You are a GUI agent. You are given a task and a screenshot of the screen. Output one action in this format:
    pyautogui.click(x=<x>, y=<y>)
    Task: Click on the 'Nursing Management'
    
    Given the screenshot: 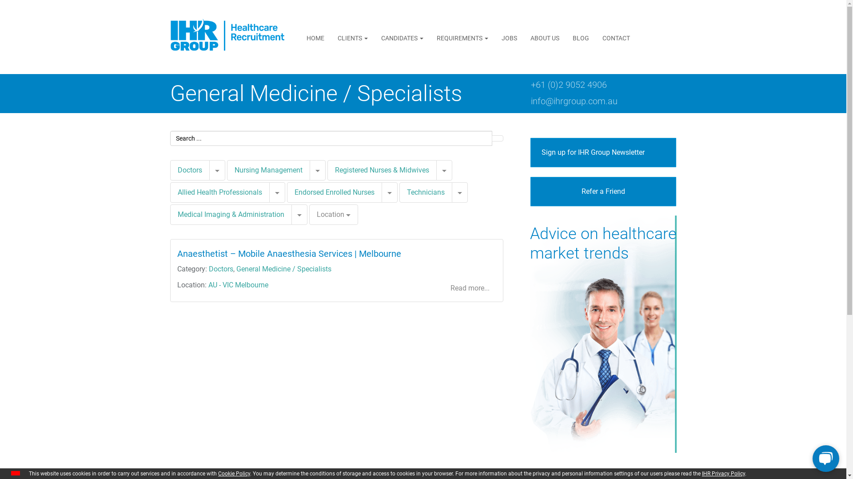 What is the action you would take?
    pyautogui.click(x=235, y=170)
    